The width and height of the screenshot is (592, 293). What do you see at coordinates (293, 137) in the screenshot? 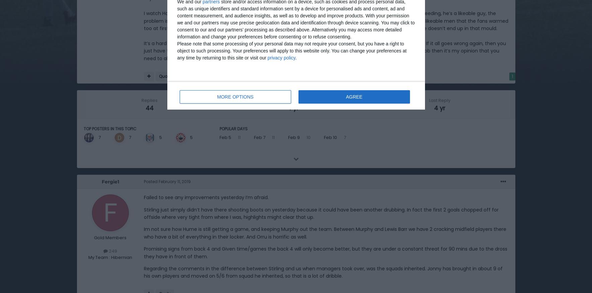
I see `'Feb 9'` at bounding box center [293, 137].